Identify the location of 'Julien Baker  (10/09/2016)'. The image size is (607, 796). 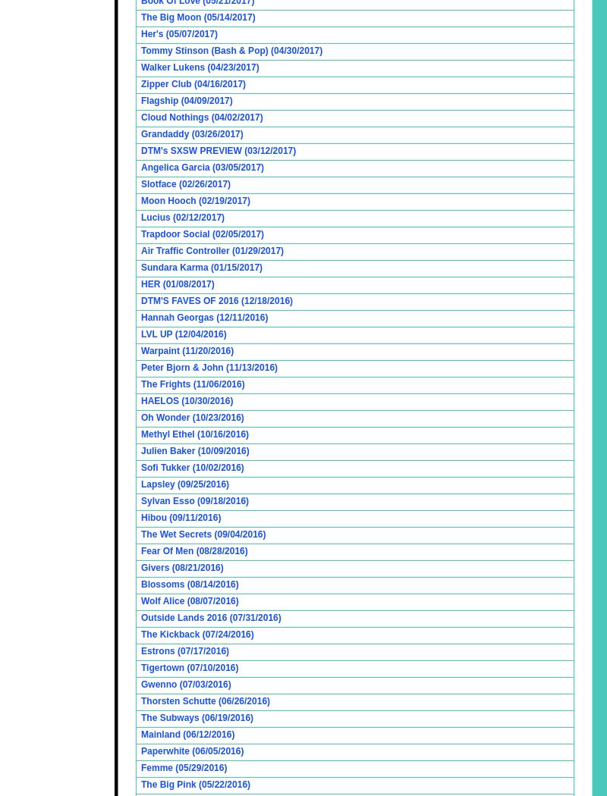
(193, 450).